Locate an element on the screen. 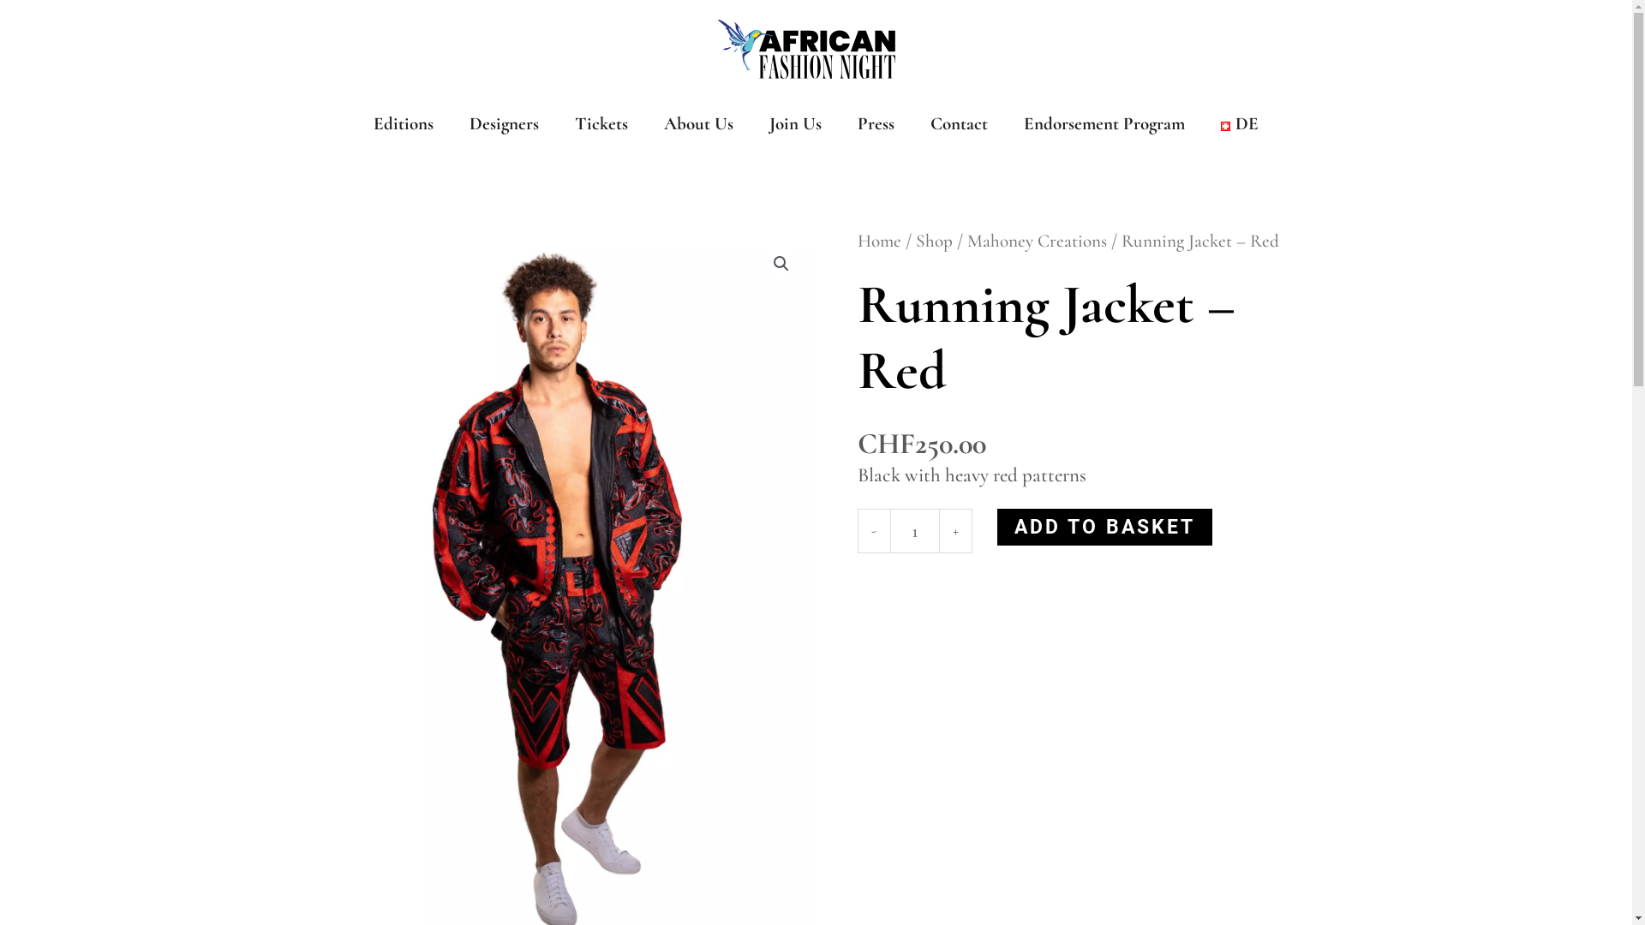 The width and height of the screenshot is (1645, 925). 'Mahoney Creations' is located at coordinates (1035, 241).